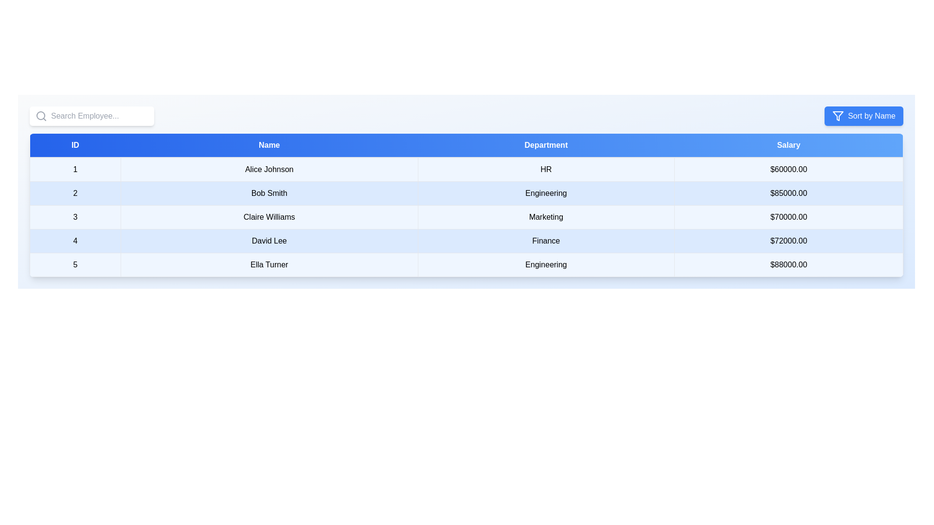 Image resolution: width=934 pixels, height=525 pixels. What do you see at coordinates (74, 145) in the screenshot?
I see `the ID column header in the table, which is positioned at the far-left end and represents the data category for the ID column` at bounding box center [74, 145].